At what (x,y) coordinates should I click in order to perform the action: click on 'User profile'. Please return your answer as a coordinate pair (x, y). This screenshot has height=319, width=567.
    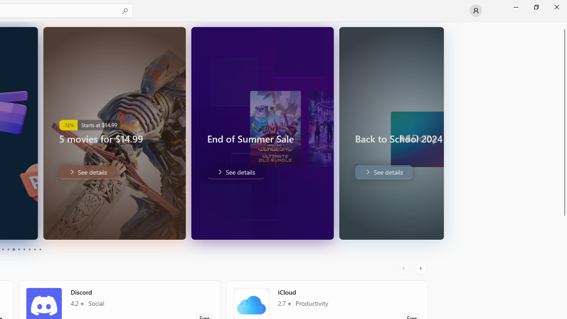
    Looking at the image, I should click on (475, 11).